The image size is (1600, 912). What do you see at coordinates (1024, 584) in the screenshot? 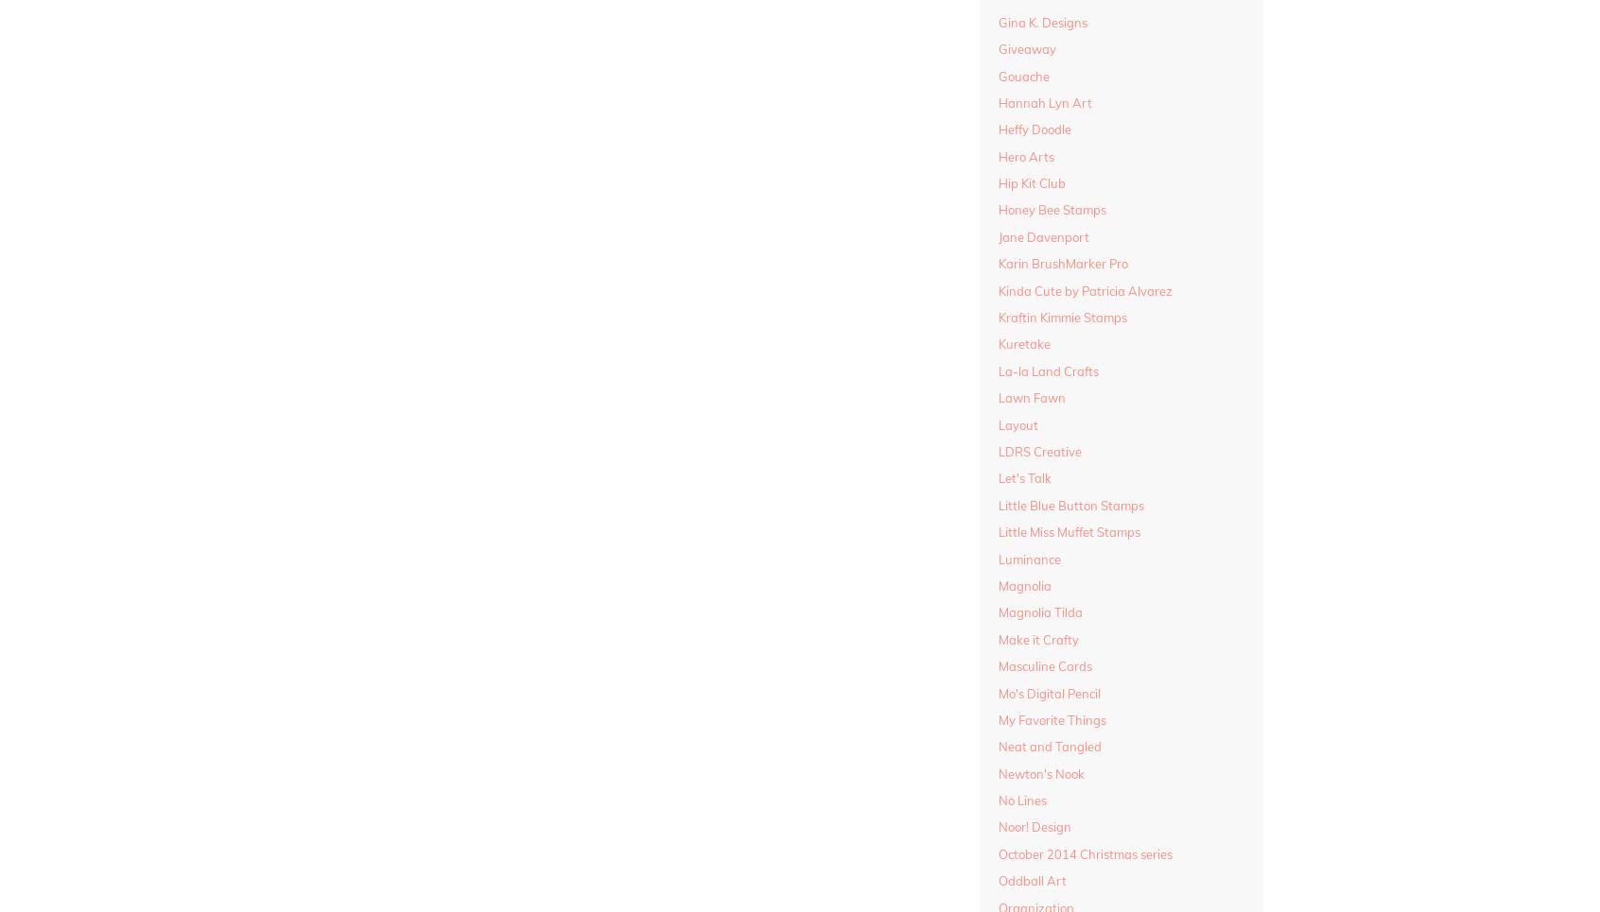
I see `'Magnolia'` at bounding box center [1024, 584].